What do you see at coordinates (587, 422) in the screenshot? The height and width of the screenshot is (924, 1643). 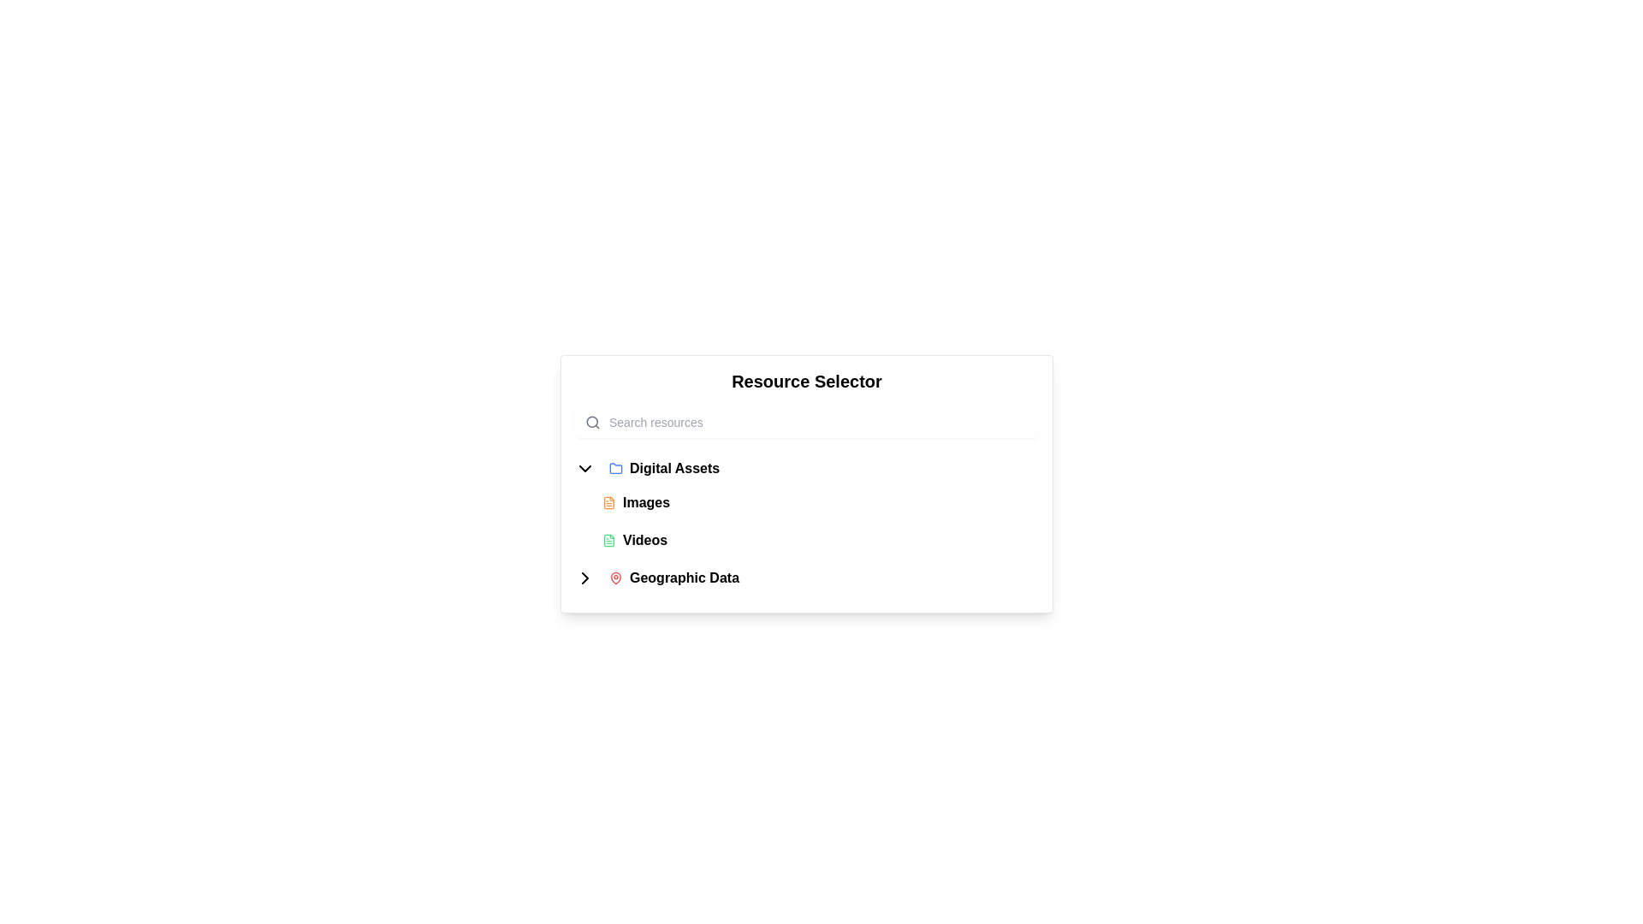 I see `the decorative search icon located at the top-left corner of the search input field within the 'Resource Selector' UI component` at bounding box center [587, 422].